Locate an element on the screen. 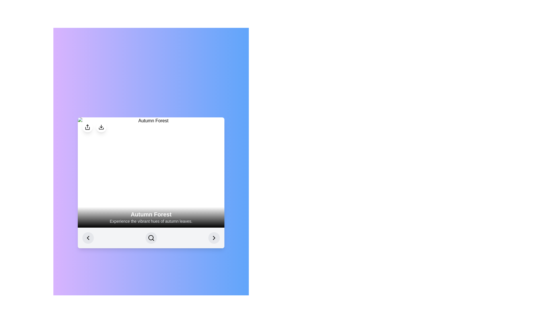  the circular button with a white background and a black download icon is located at coordinates (101, 127).